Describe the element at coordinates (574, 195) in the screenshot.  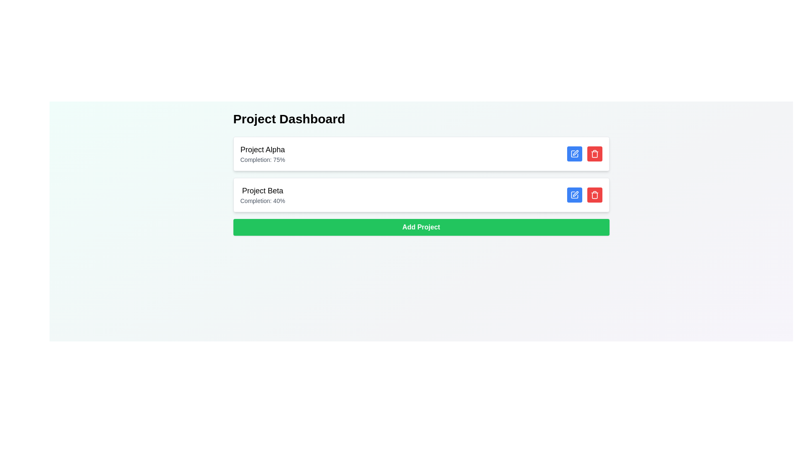
I see `the interactive edit button located to the left of the red trash button in the project row for 'Project Beta'` at that location.